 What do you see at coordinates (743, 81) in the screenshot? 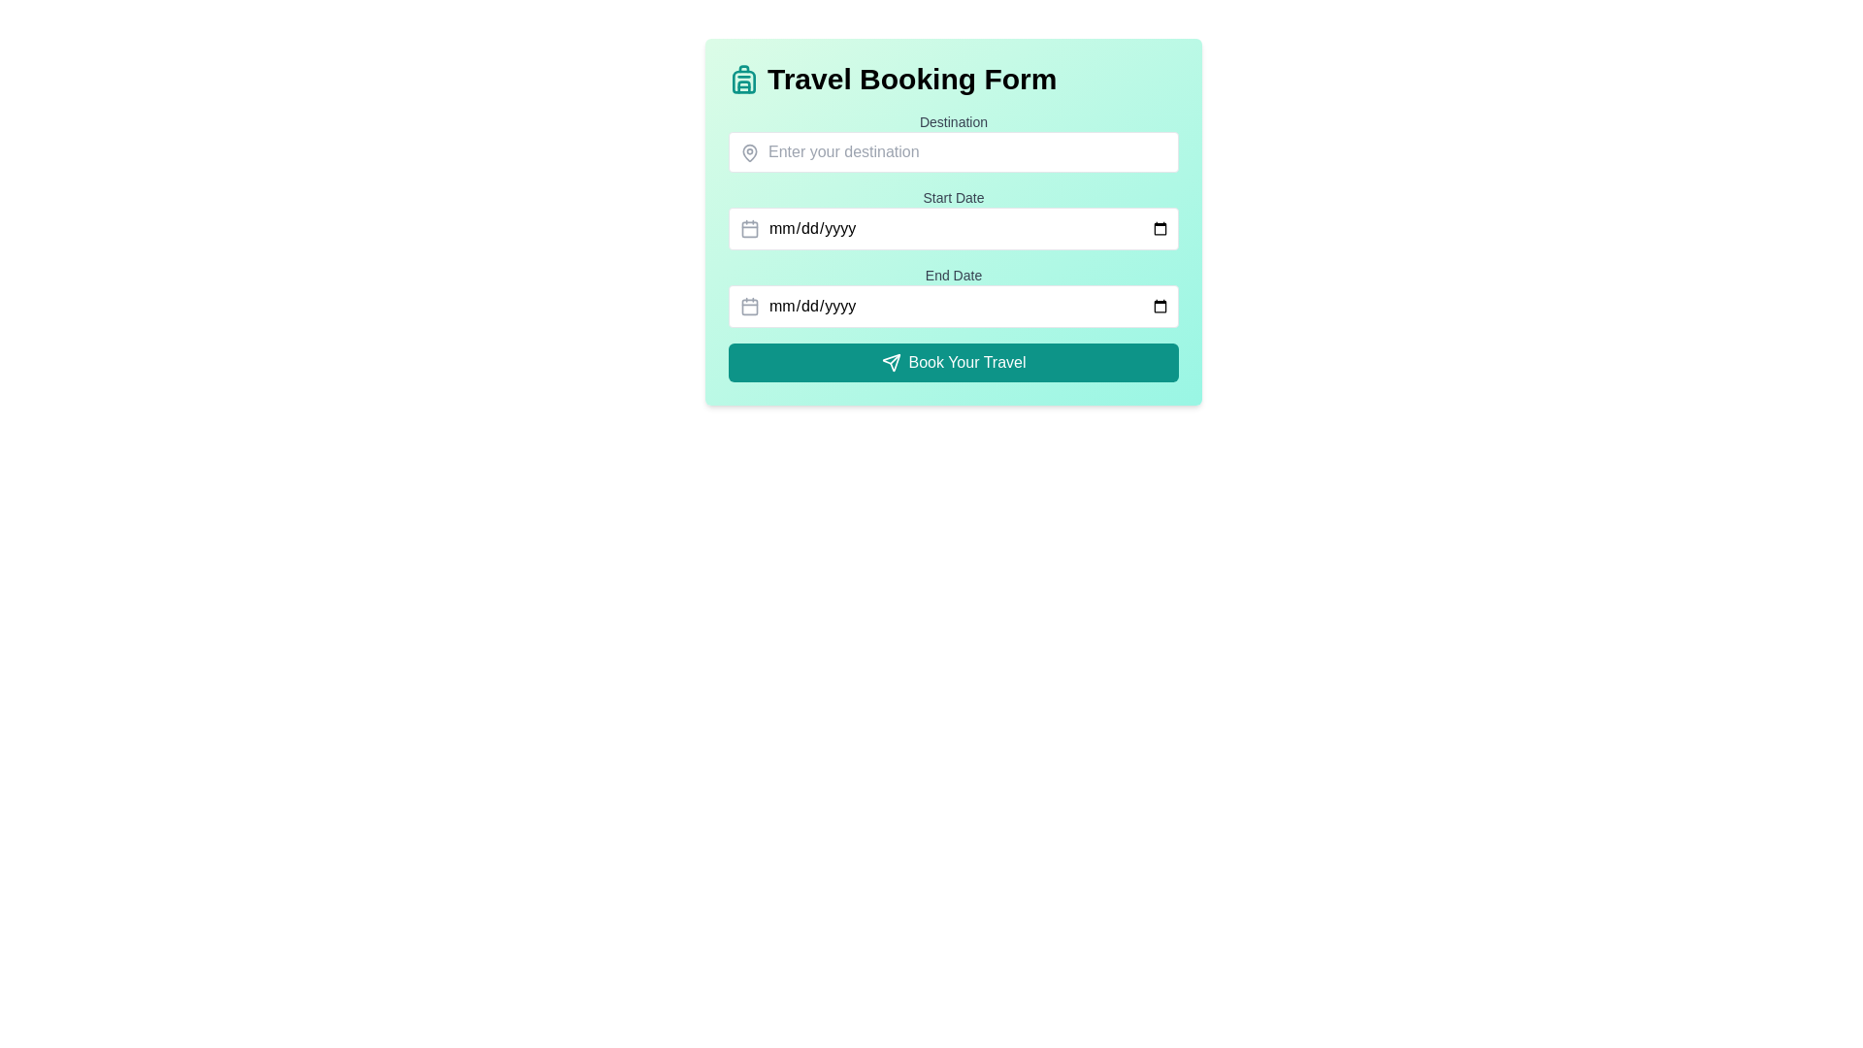
I see `the backpack icon located at the top of the 'Travel Booking Form', positioned to the left of the title text` at bounding box center [743, 81].